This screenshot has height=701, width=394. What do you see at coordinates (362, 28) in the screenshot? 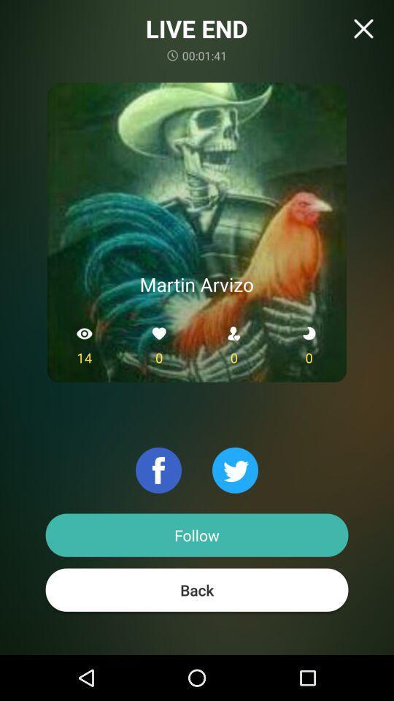
I see `the close icon` at bounding box center [362, 28].